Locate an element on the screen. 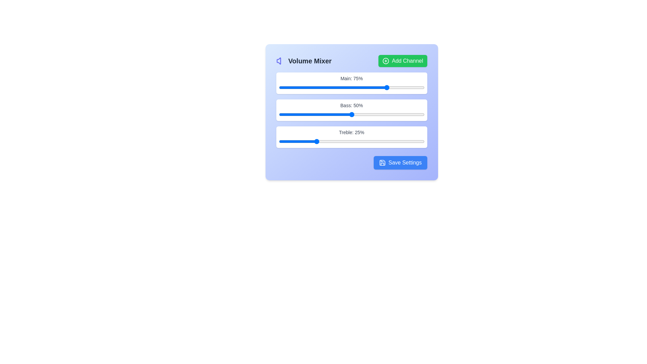 Image resolution: width=647 pixels, height=364 pixels. treble is located at coordinates (387, 141).